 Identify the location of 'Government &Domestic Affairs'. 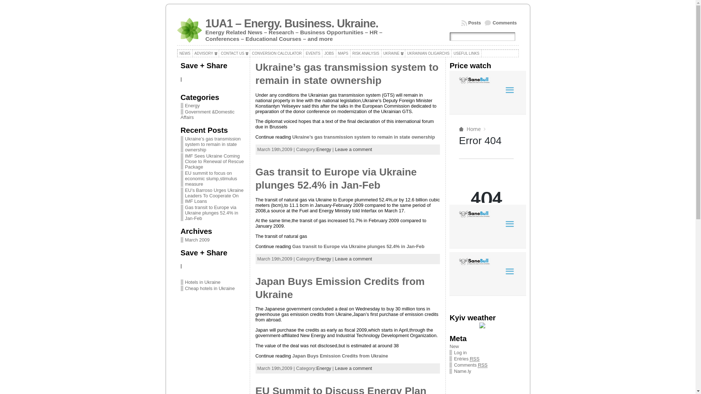
(207, 114).